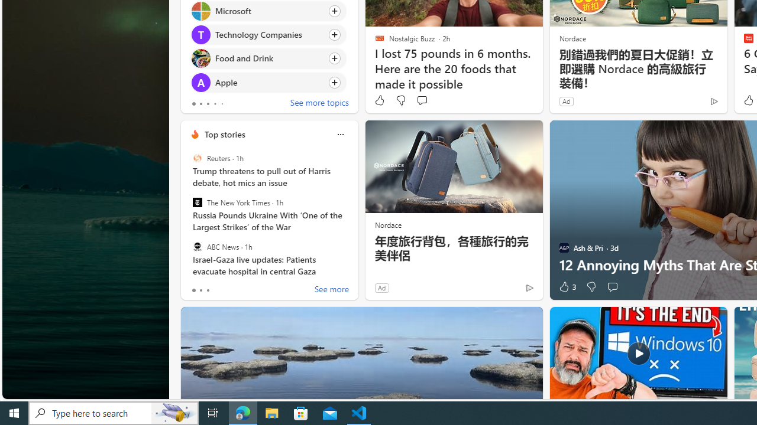  Describe the element at coordinates (200, 290) in the screenshot. I see `'tab-1'` at that location.